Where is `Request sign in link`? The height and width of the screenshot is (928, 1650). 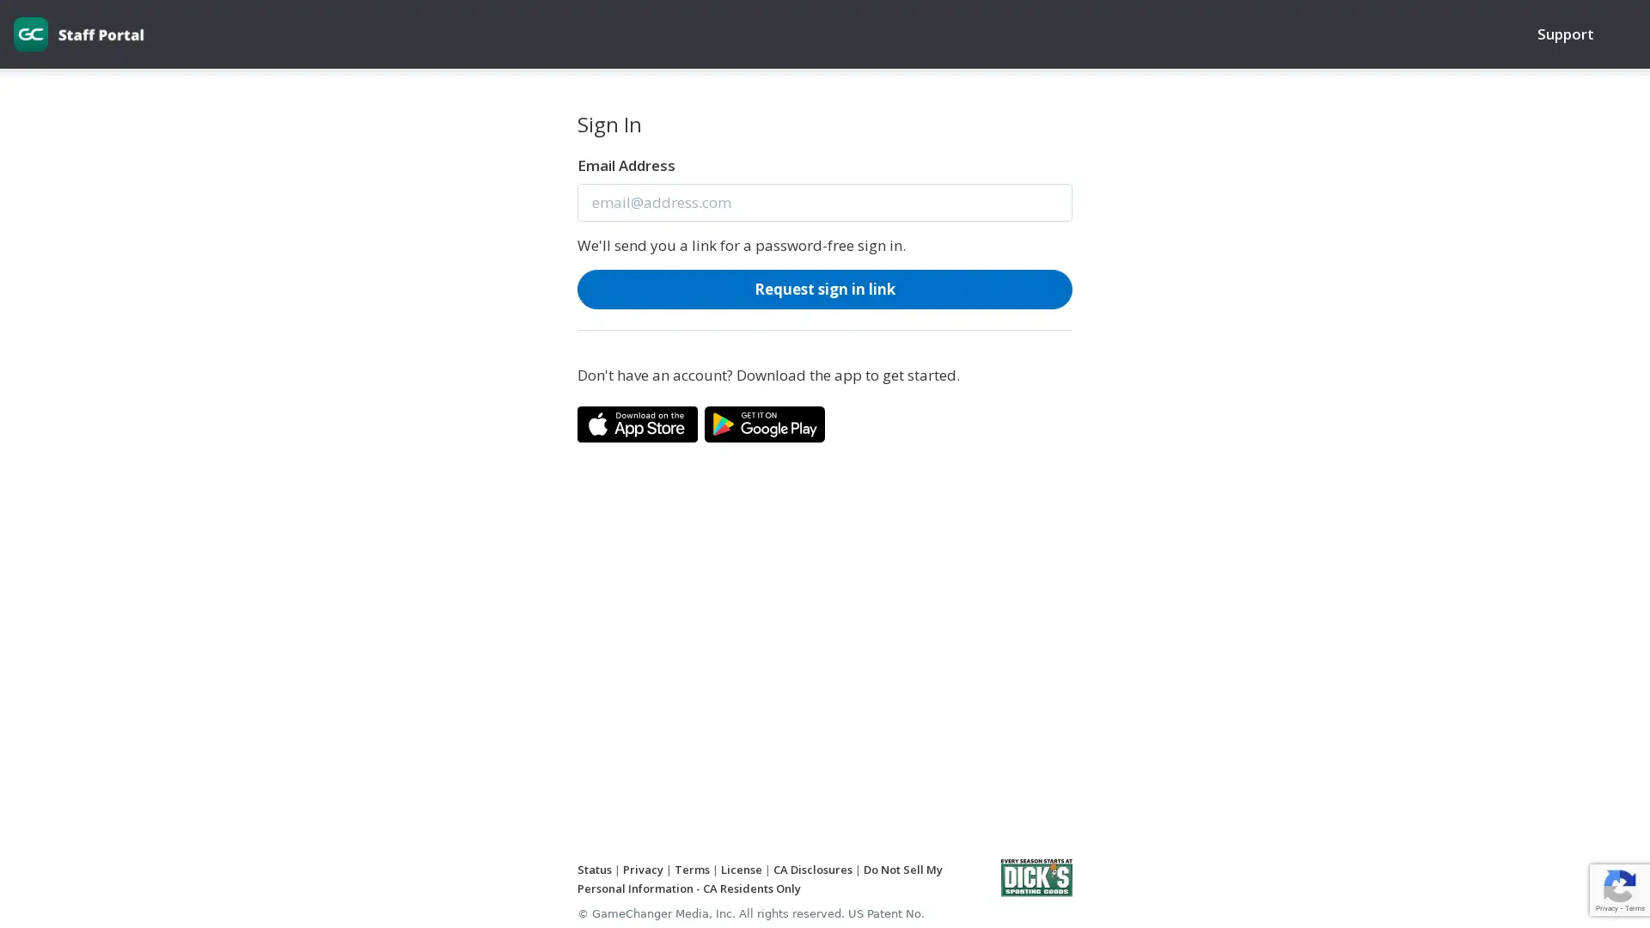
Request sign in link is located at coordinates (825, 287).